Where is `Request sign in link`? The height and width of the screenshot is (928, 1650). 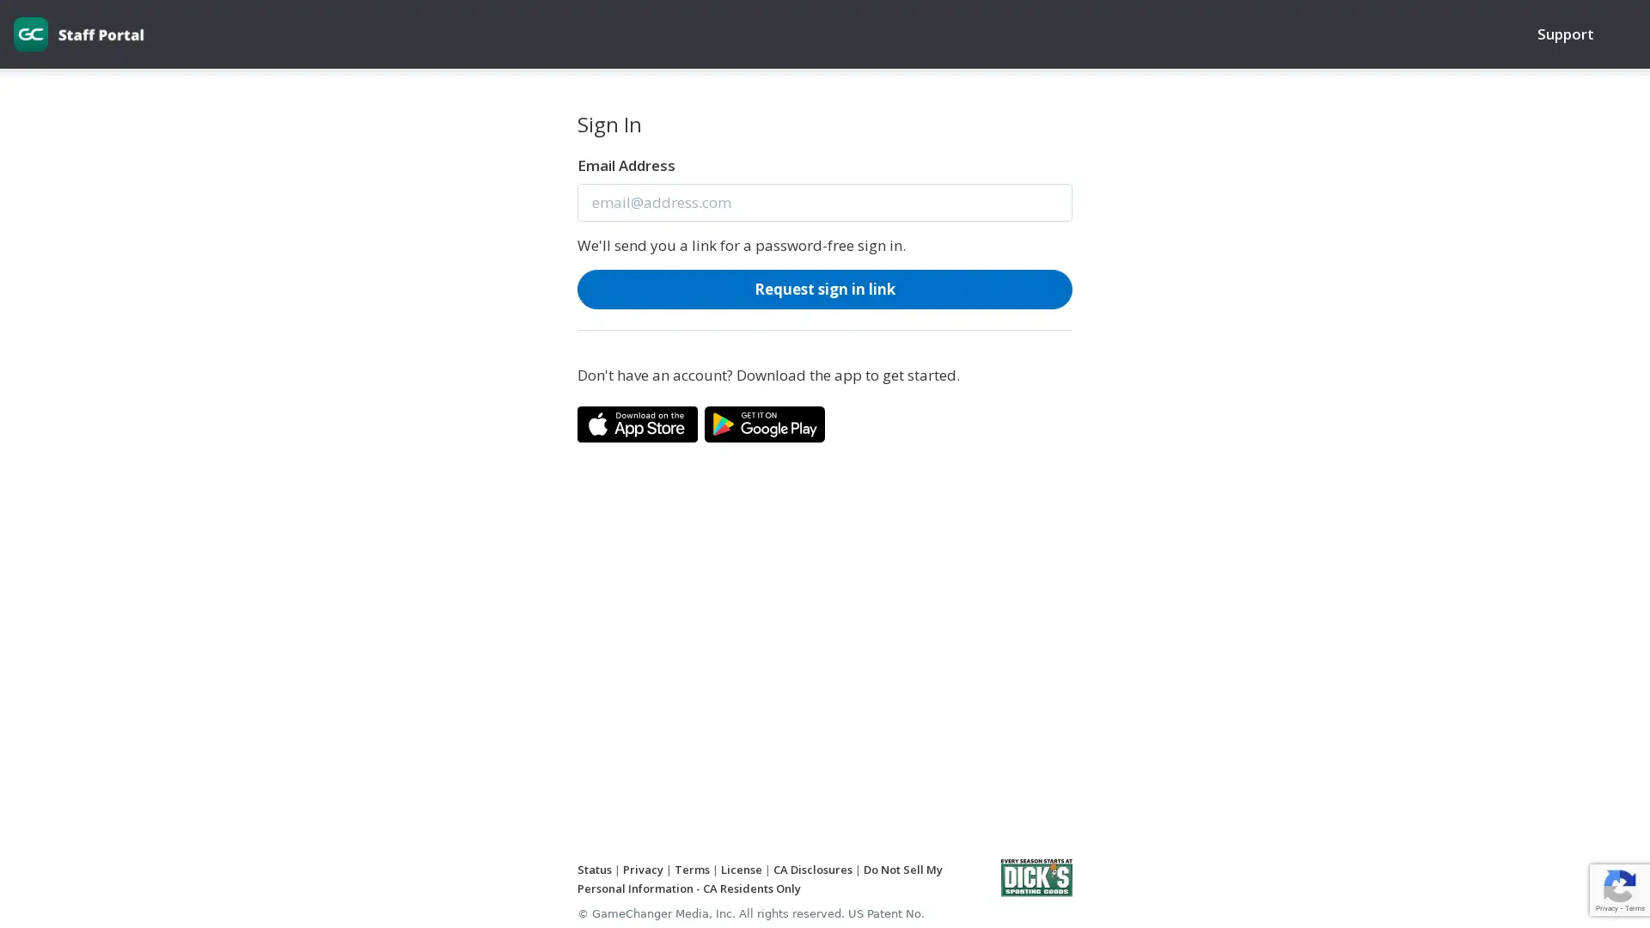
Request sign in link is located at coordinates (825, 287).